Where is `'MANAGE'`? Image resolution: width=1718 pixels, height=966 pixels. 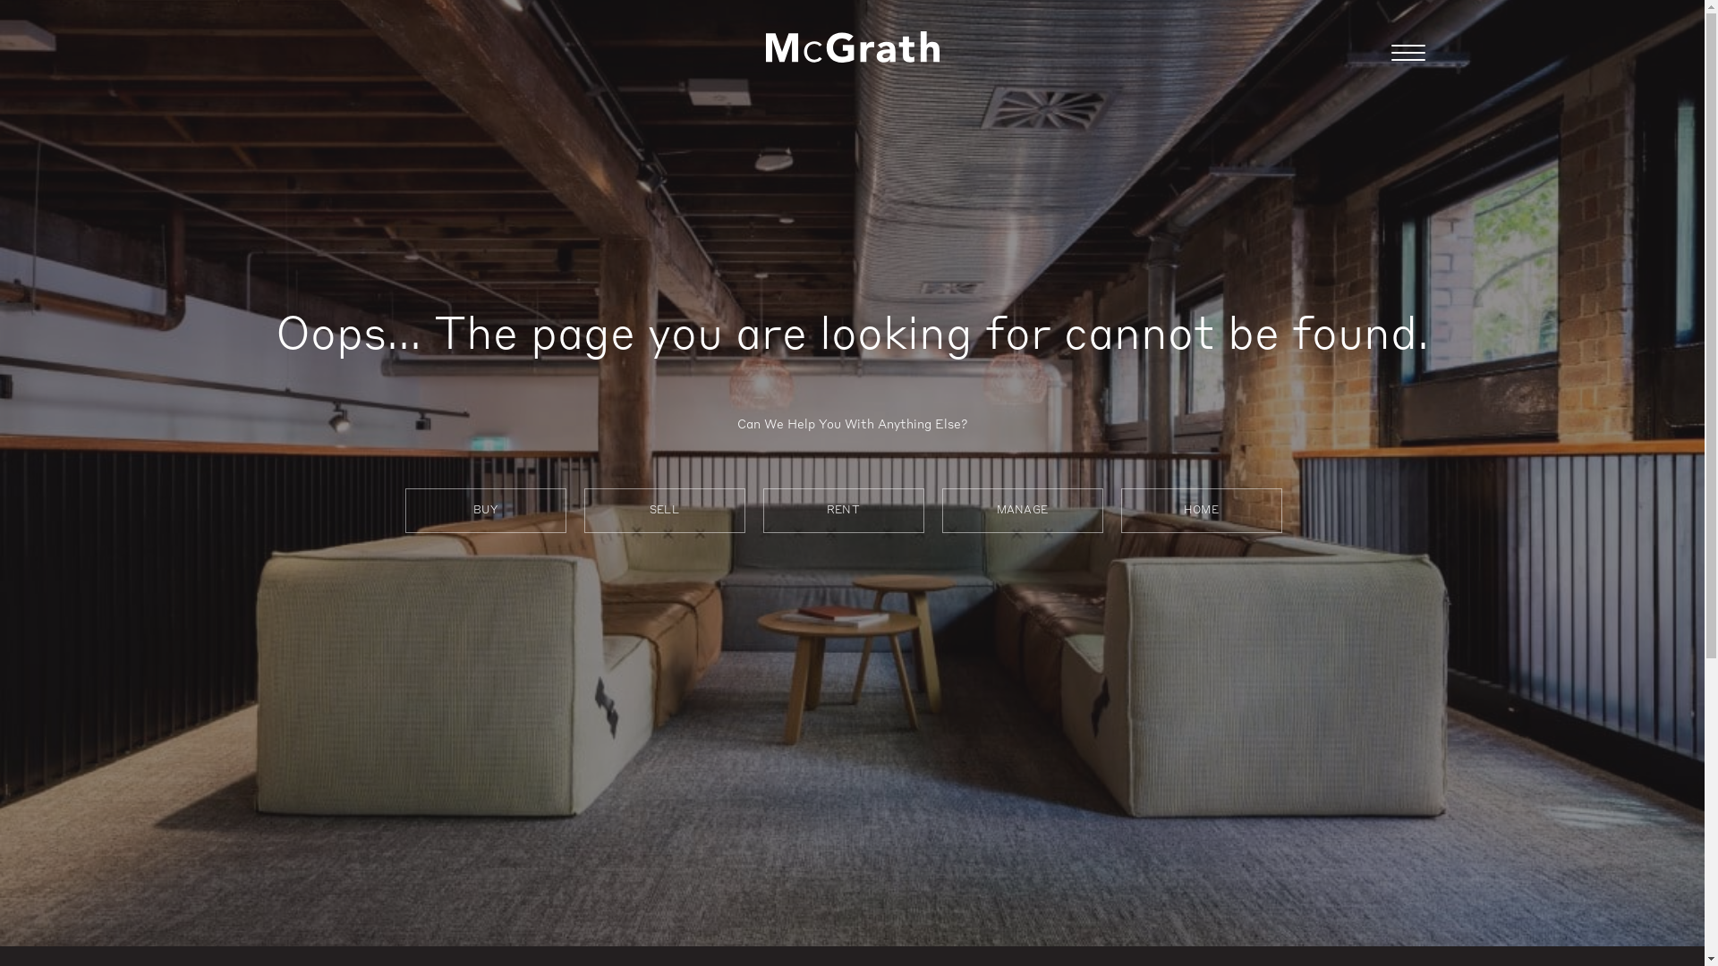
'MANAGE' is located at coordinates (1022, 510).